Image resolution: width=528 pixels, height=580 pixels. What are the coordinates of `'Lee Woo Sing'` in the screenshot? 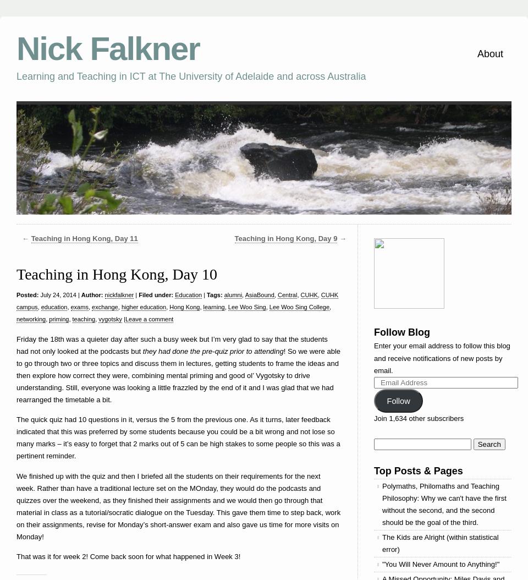 It's located at (246, 307).